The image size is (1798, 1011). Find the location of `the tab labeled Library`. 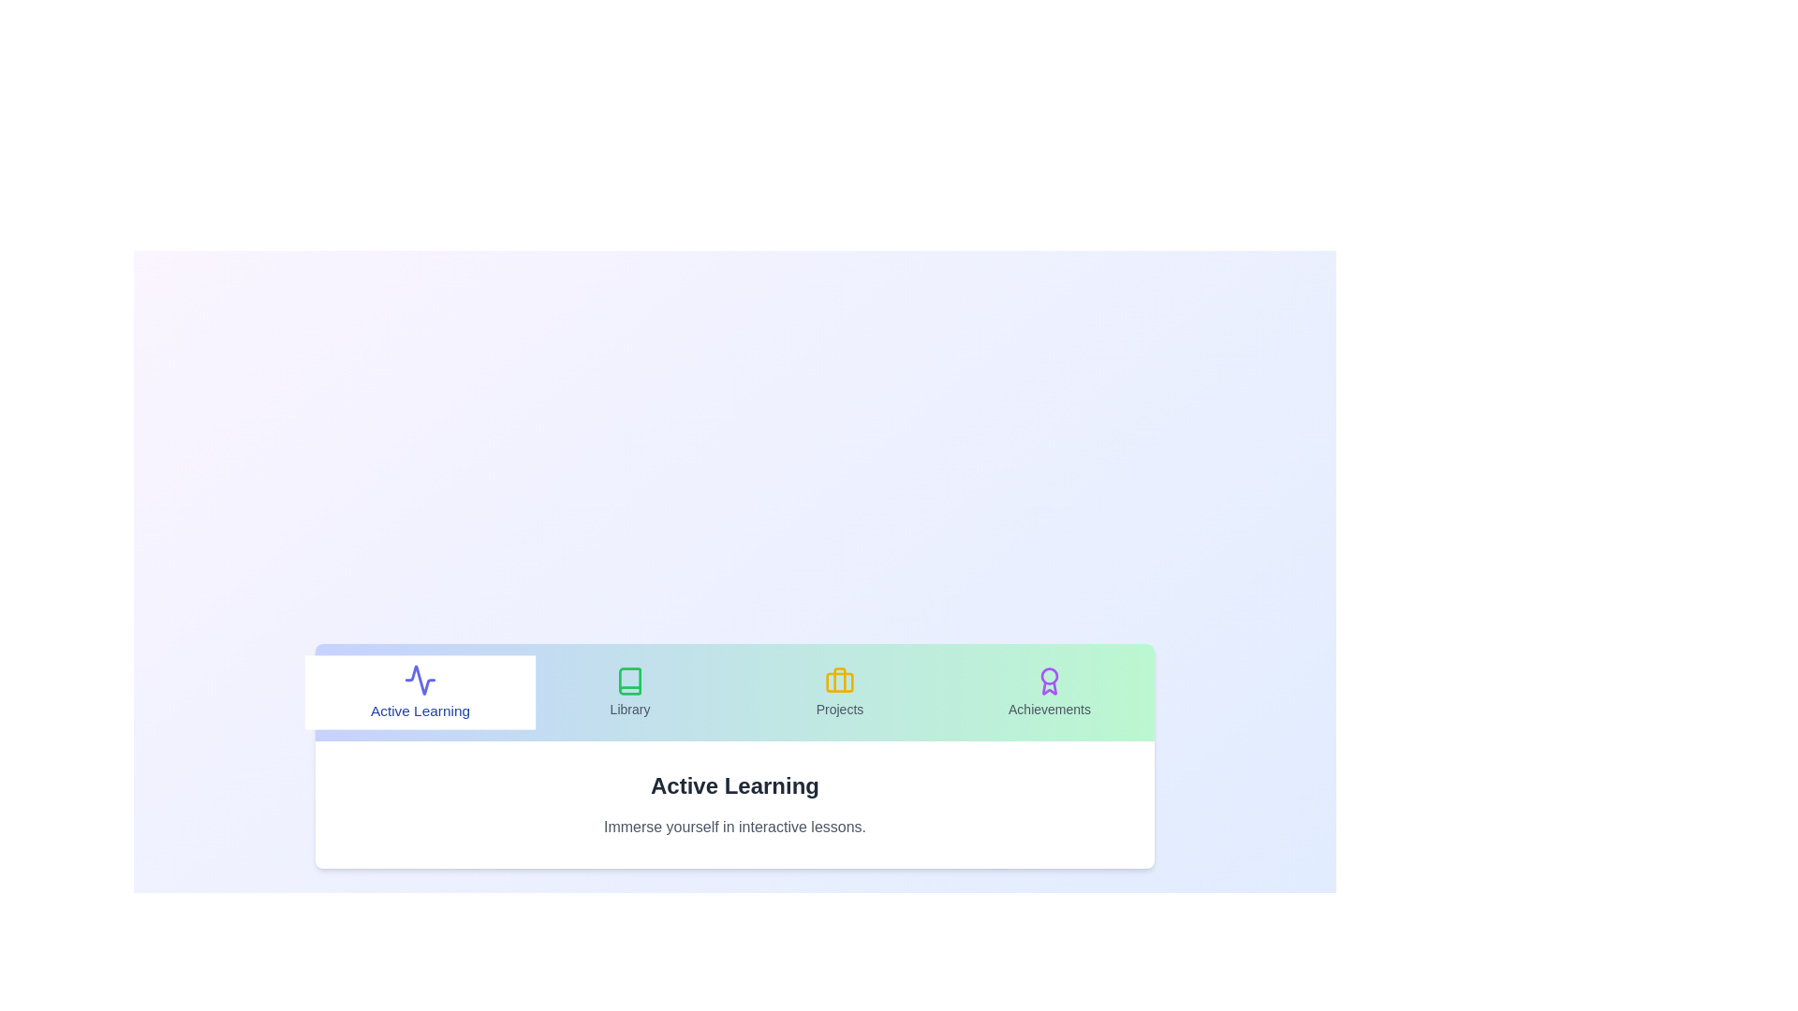

the tab labeled Library is located at coordinates (629, 693).